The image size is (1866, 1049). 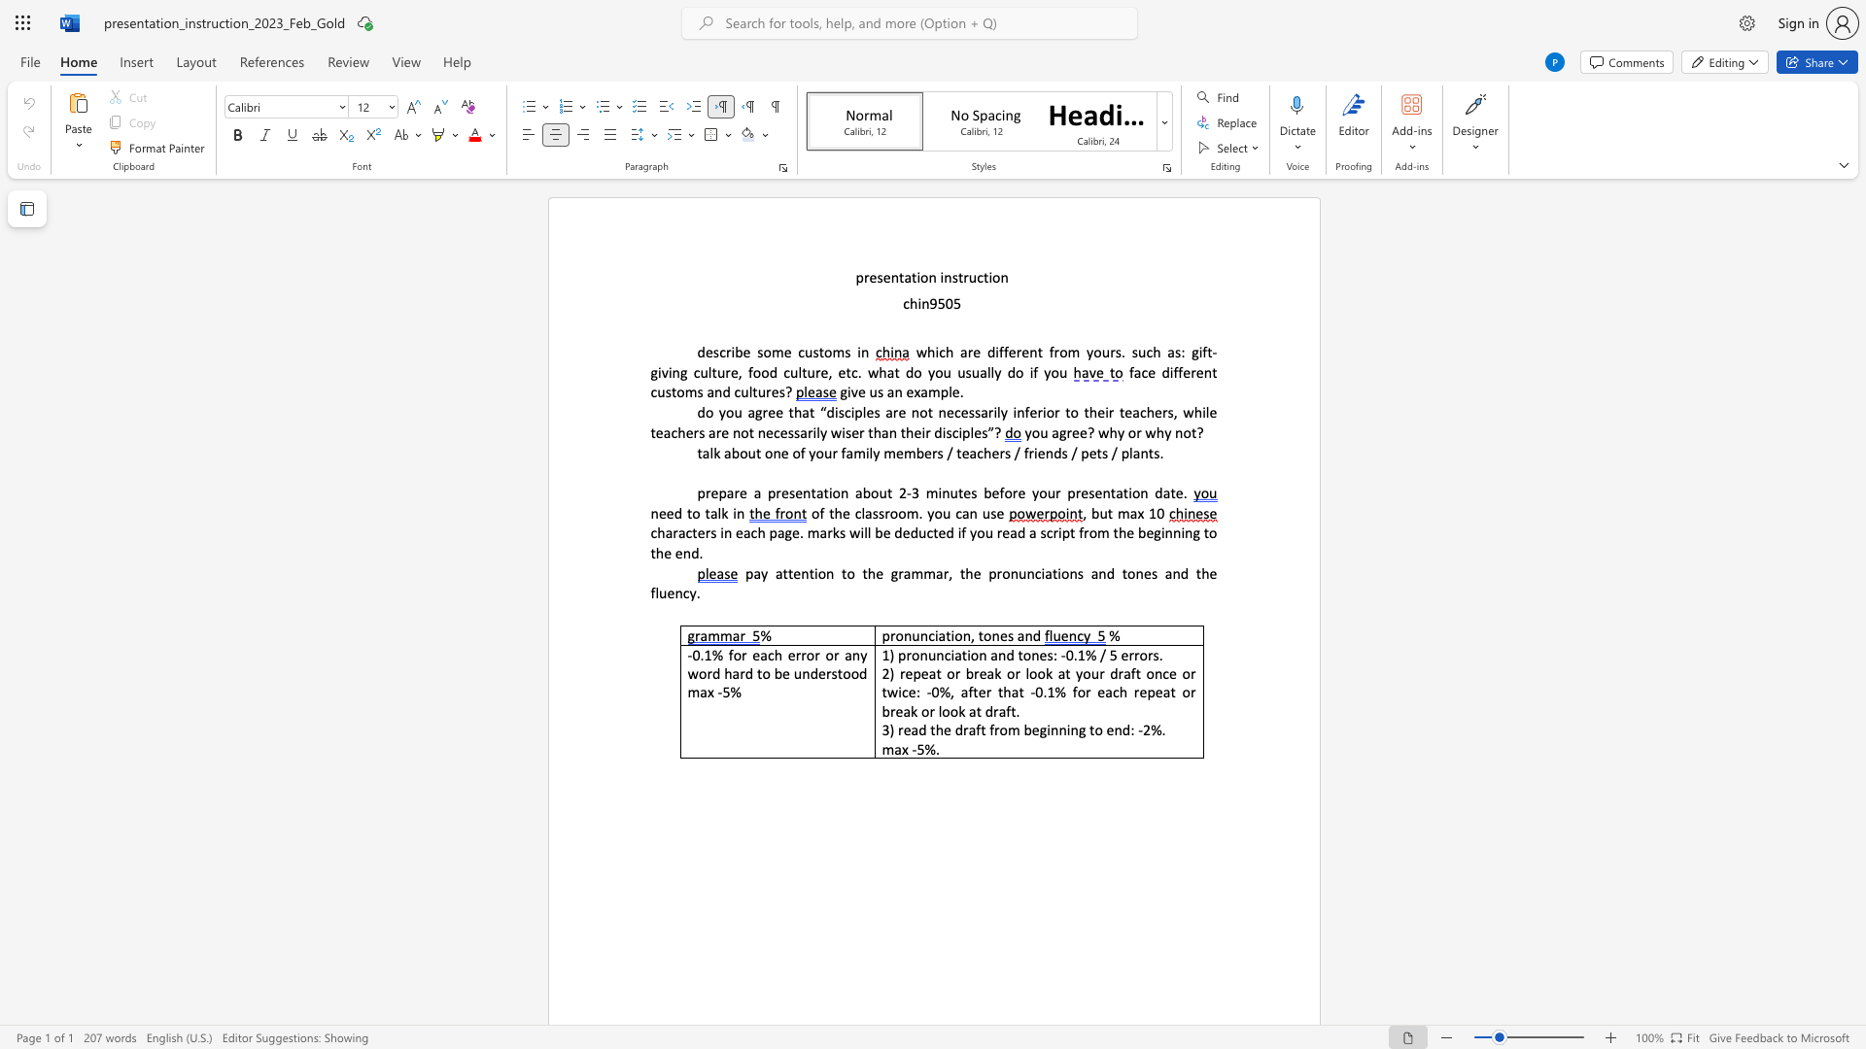 I want to click on the subset text "achers, while teachers are not necessarily wiser th" within the text "do you agree that “disciples are not necessarily inferior to their teachers, while teachers are not necessarily wiser than their disciples”?", so click(x=1132, y=411).